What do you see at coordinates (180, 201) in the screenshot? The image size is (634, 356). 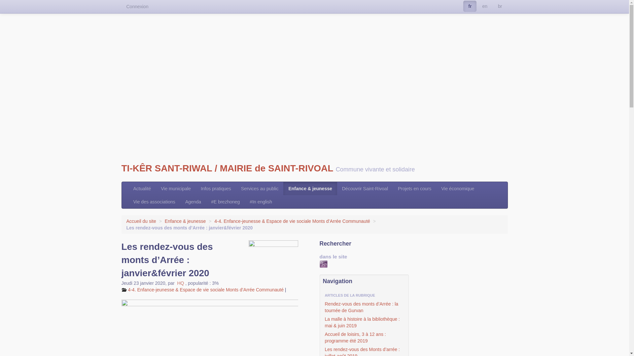 I see `'Agenda'` at bounding box center [180, 201].